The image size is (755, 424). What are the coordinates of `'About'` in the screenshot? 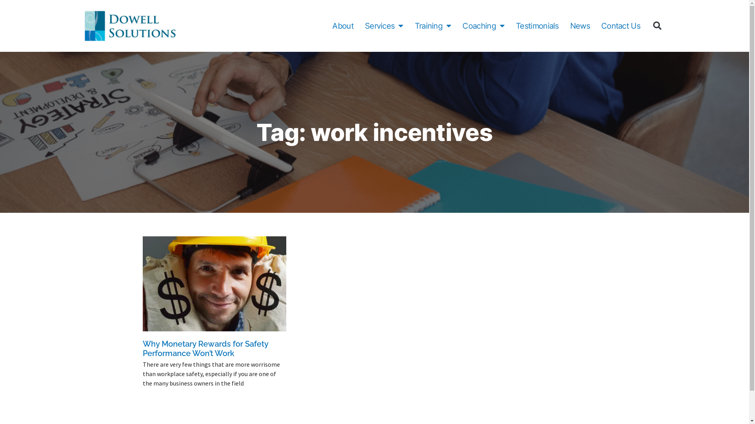 It's located at (343, 25).